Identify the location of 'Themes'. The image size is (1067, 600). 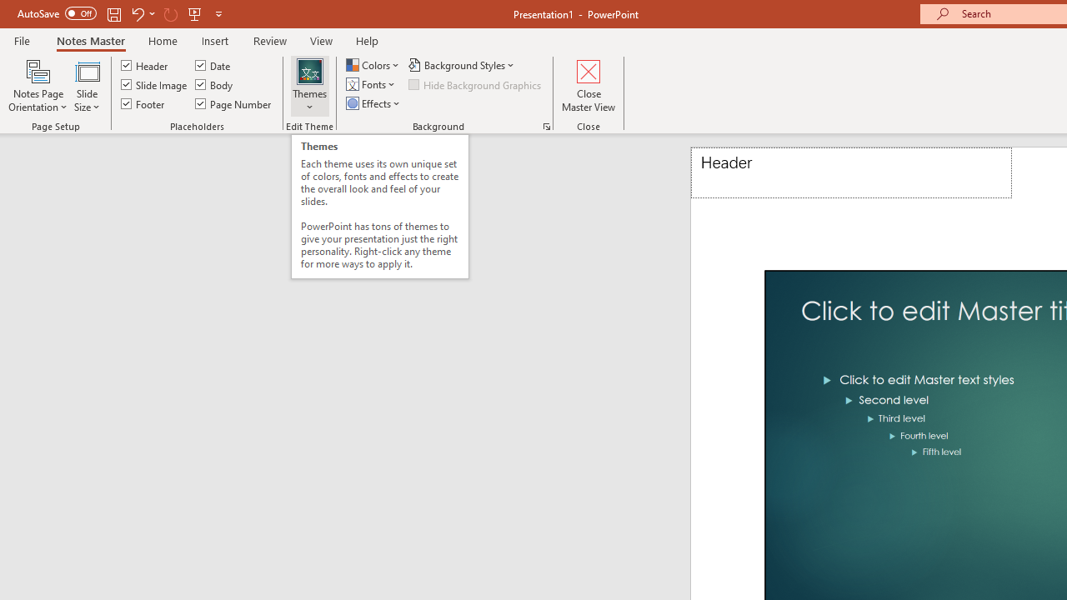
(310, 86).